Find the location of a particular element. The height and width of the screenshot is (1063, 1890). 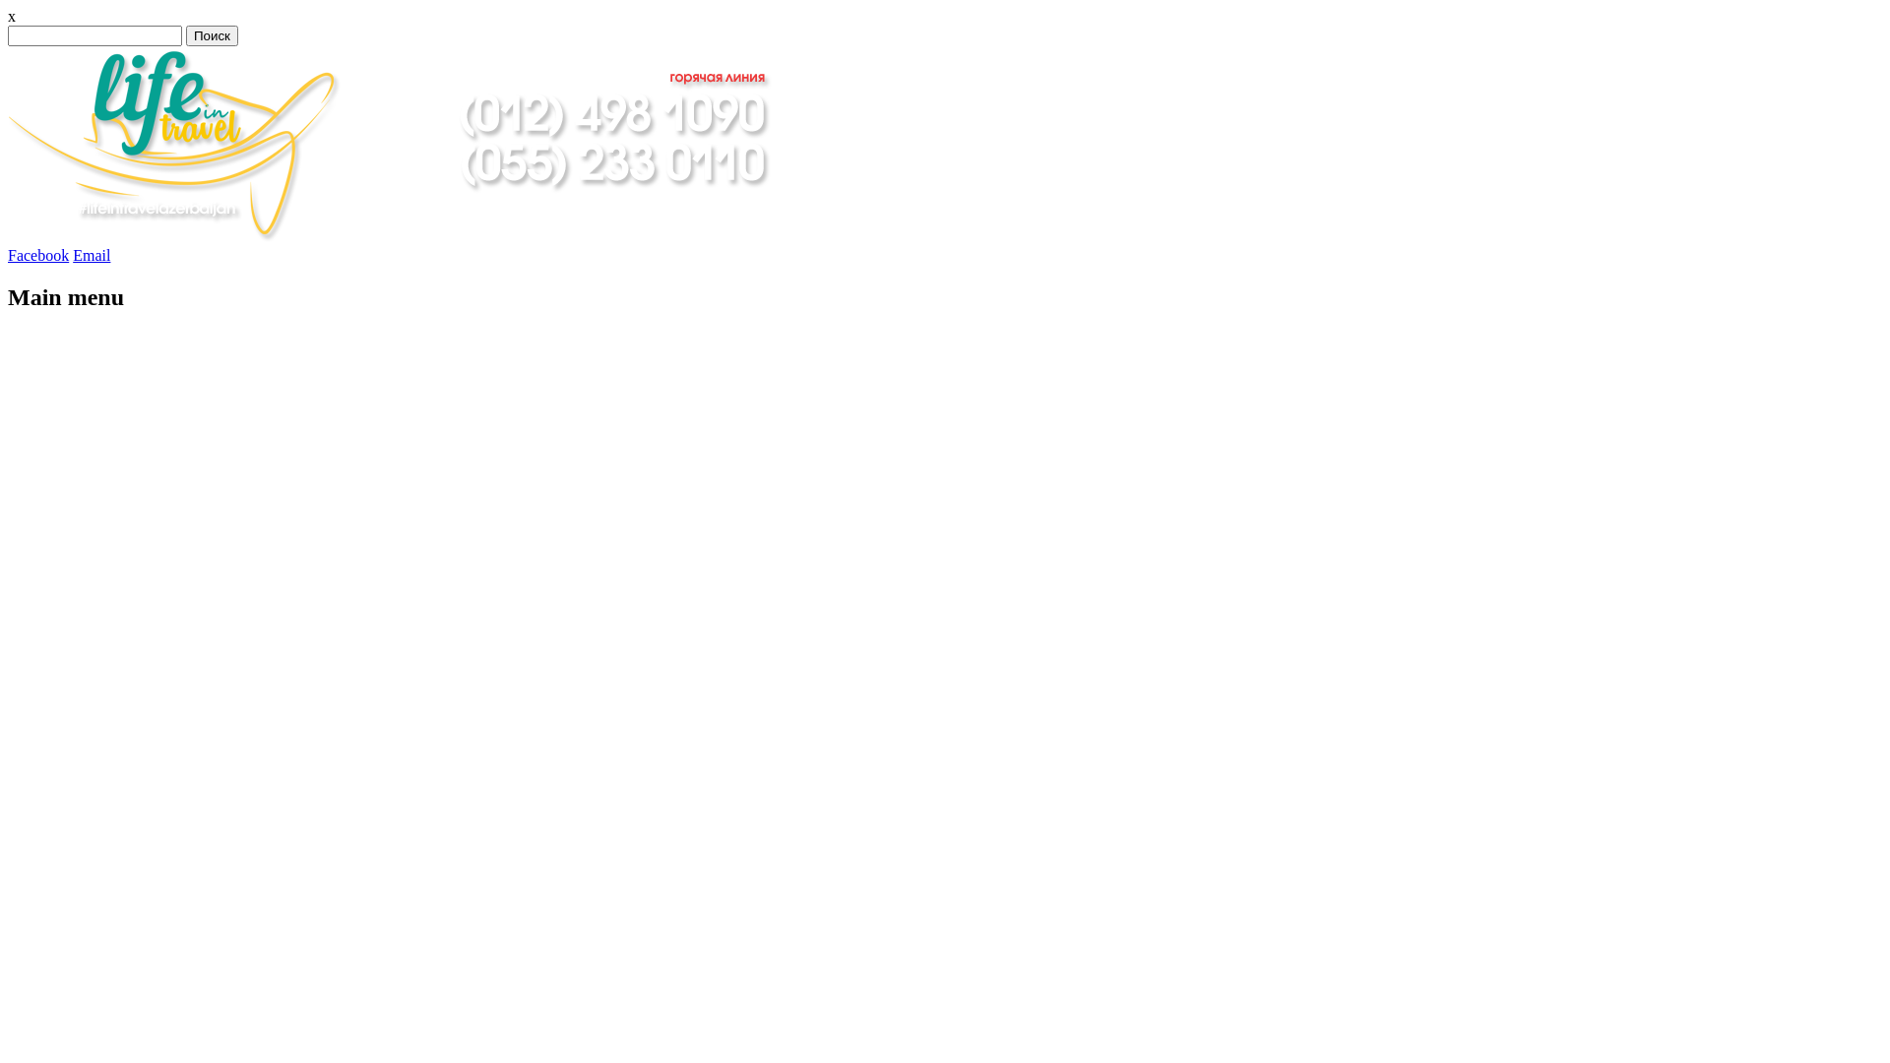

'"LifeInTravel" Travel Agency Azerbaijan' is located at coordinates (401, 236).